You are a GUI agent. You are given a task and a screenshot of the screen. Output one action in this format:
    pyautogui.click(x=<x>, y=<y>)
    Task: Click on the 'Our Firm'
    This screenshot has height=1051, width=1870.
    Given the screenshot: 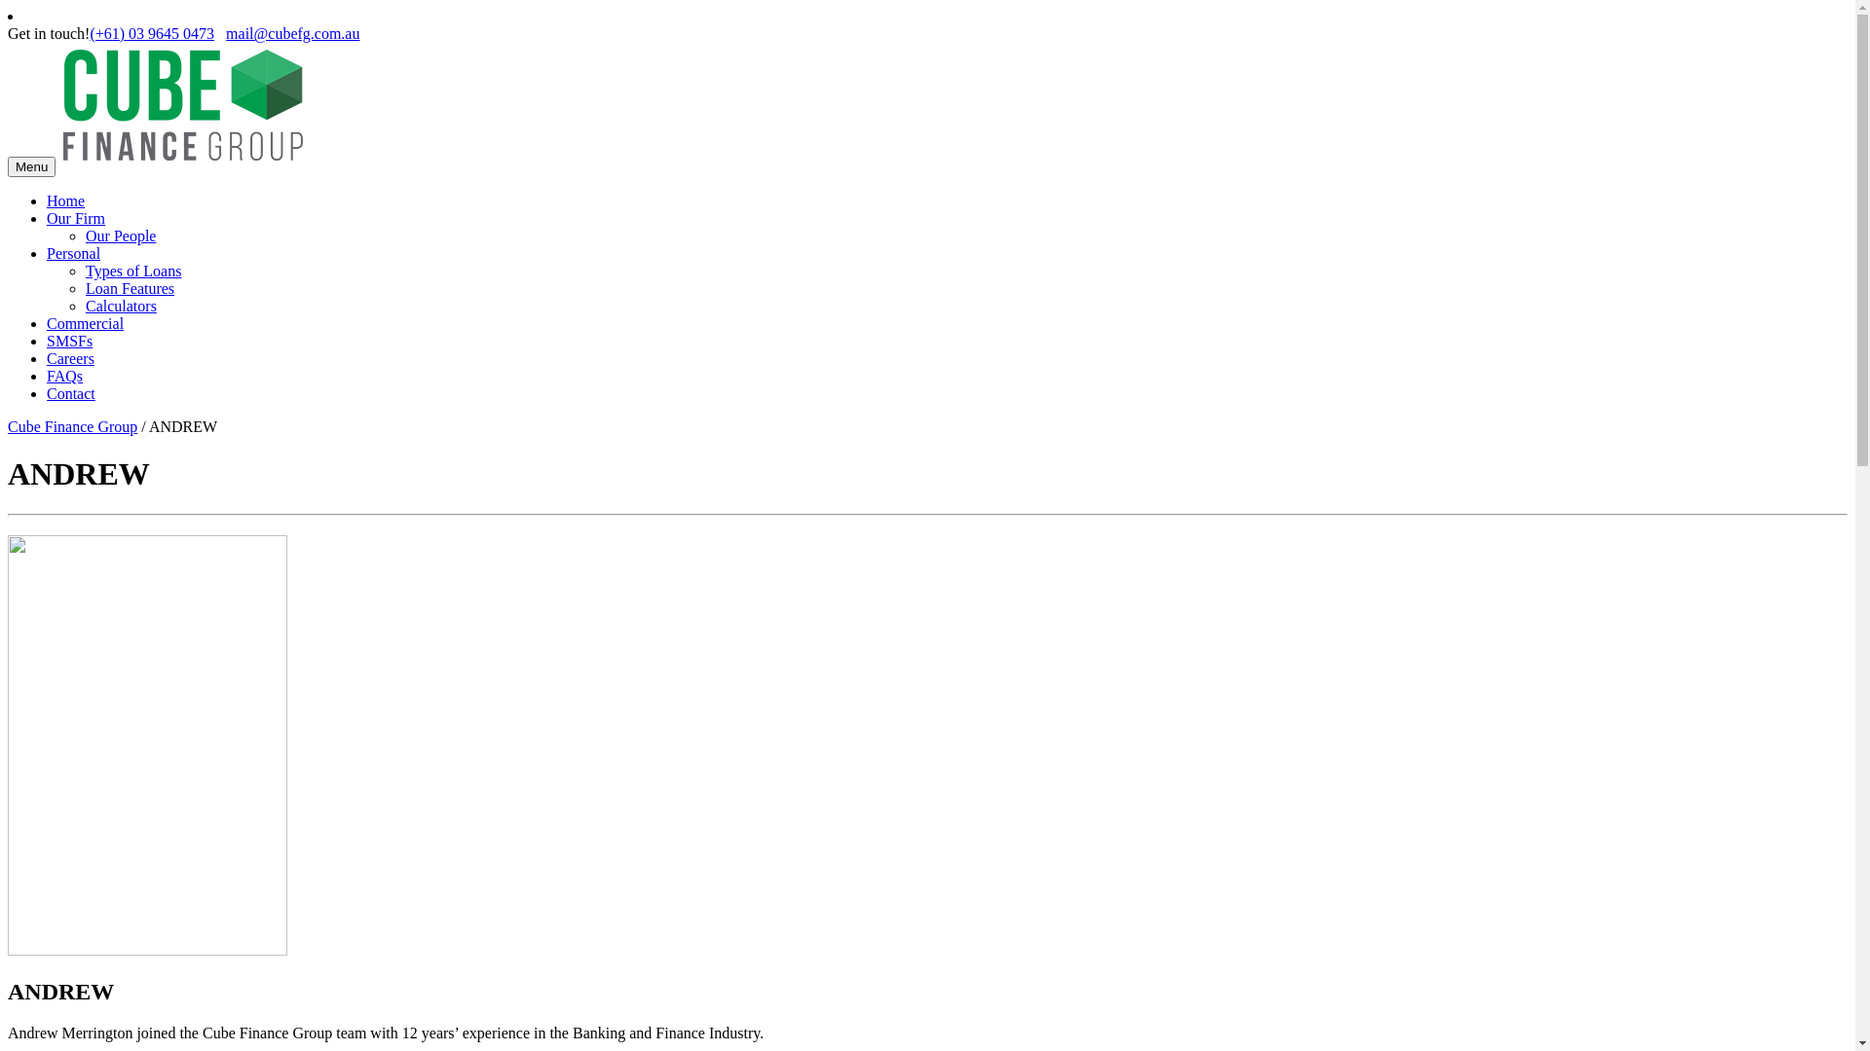 What is the action you would take?
    pyautogui.click(x=75, y=218)
    